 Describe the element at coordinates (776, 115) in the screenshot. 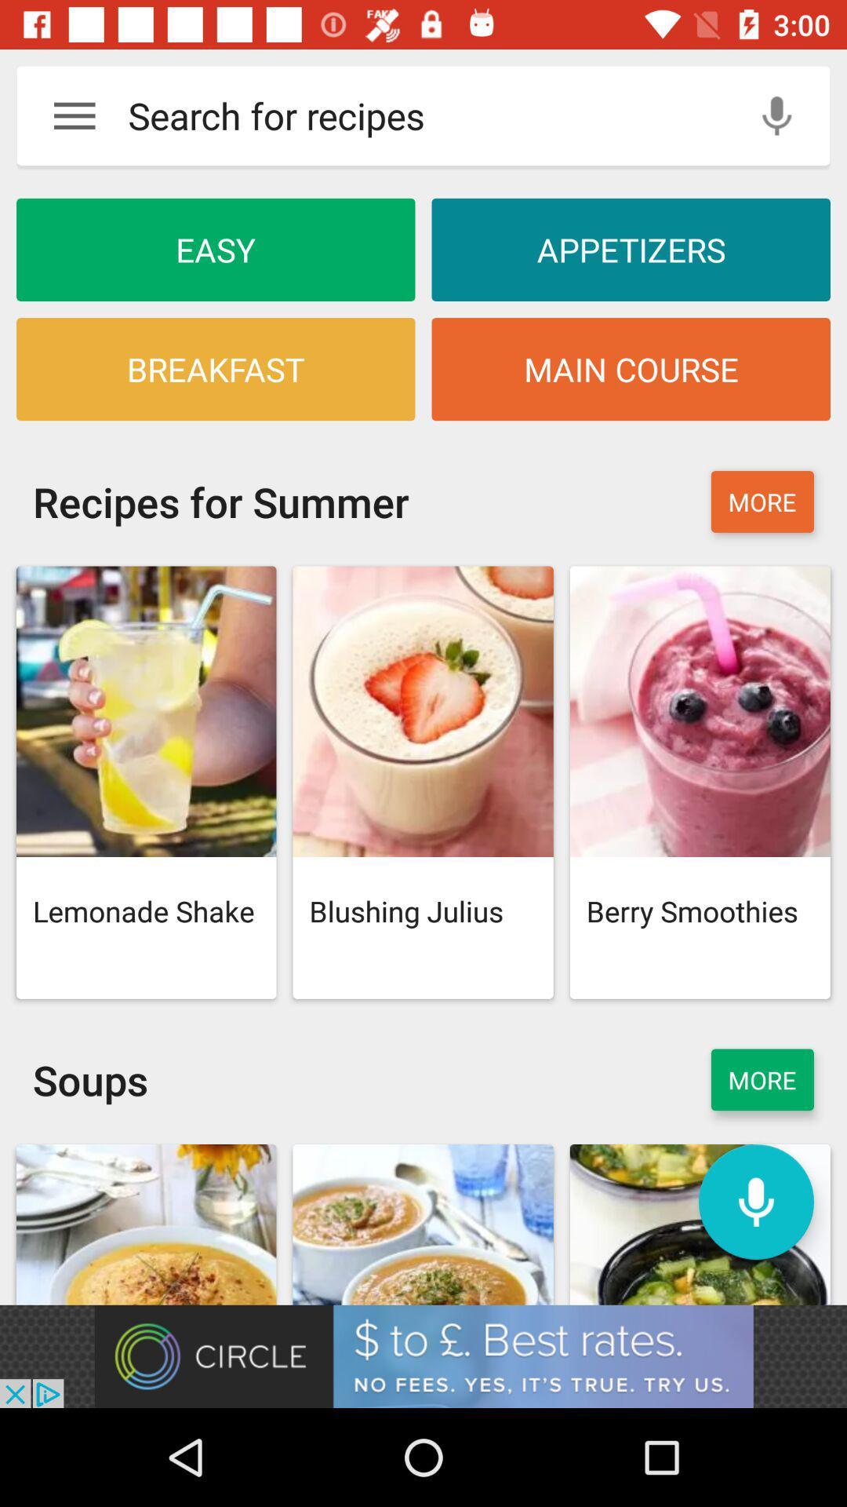

I see `use microphone` at that location.